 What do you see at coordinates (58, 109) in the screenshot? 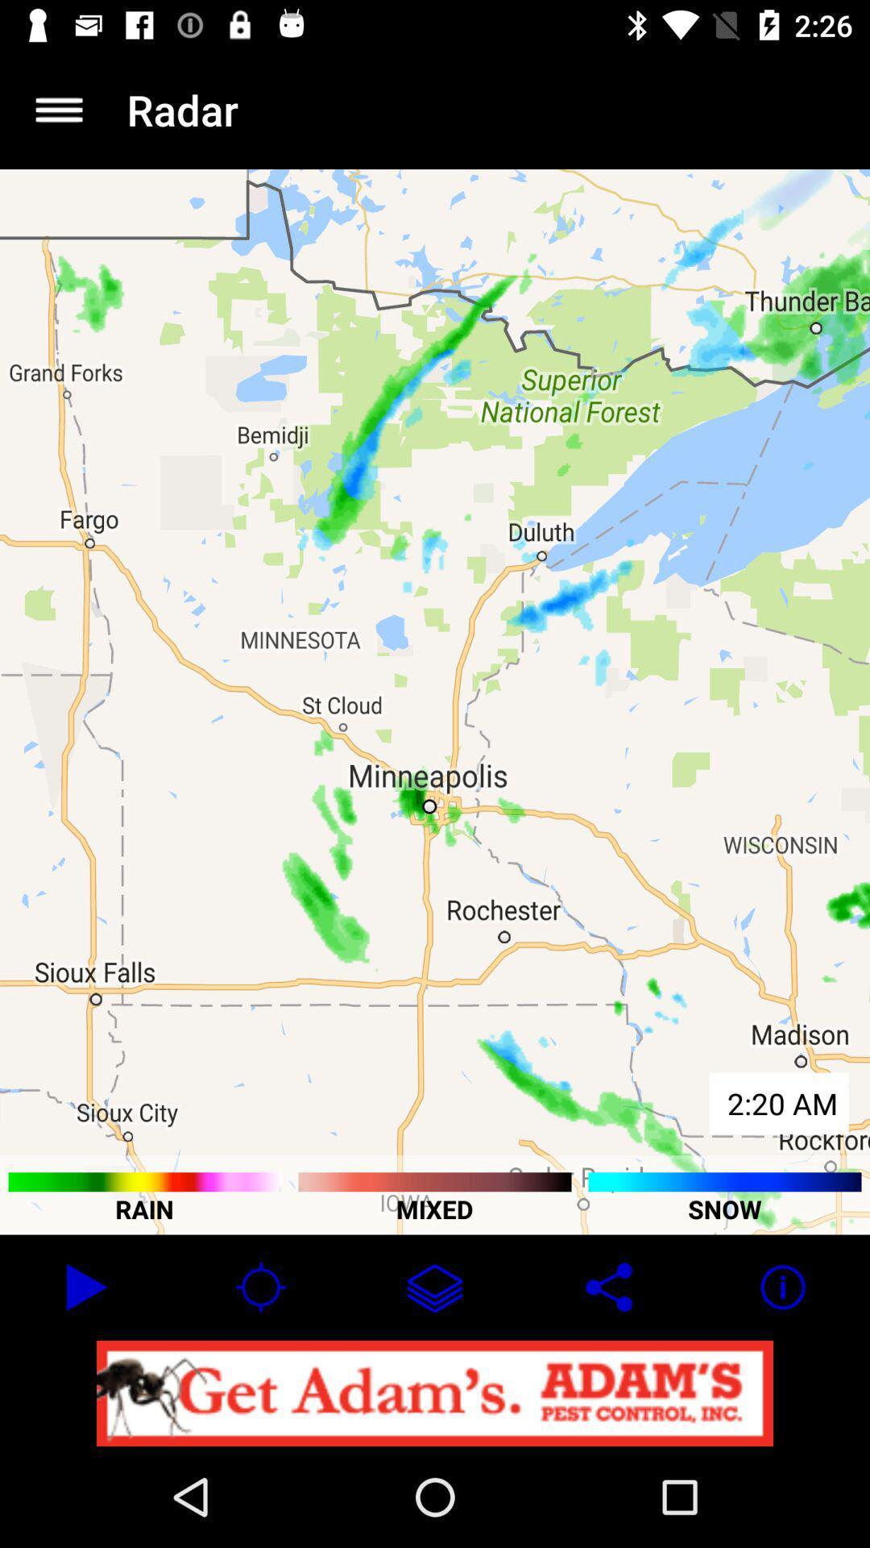
I see `setting option` at bounding box center [58, 109].